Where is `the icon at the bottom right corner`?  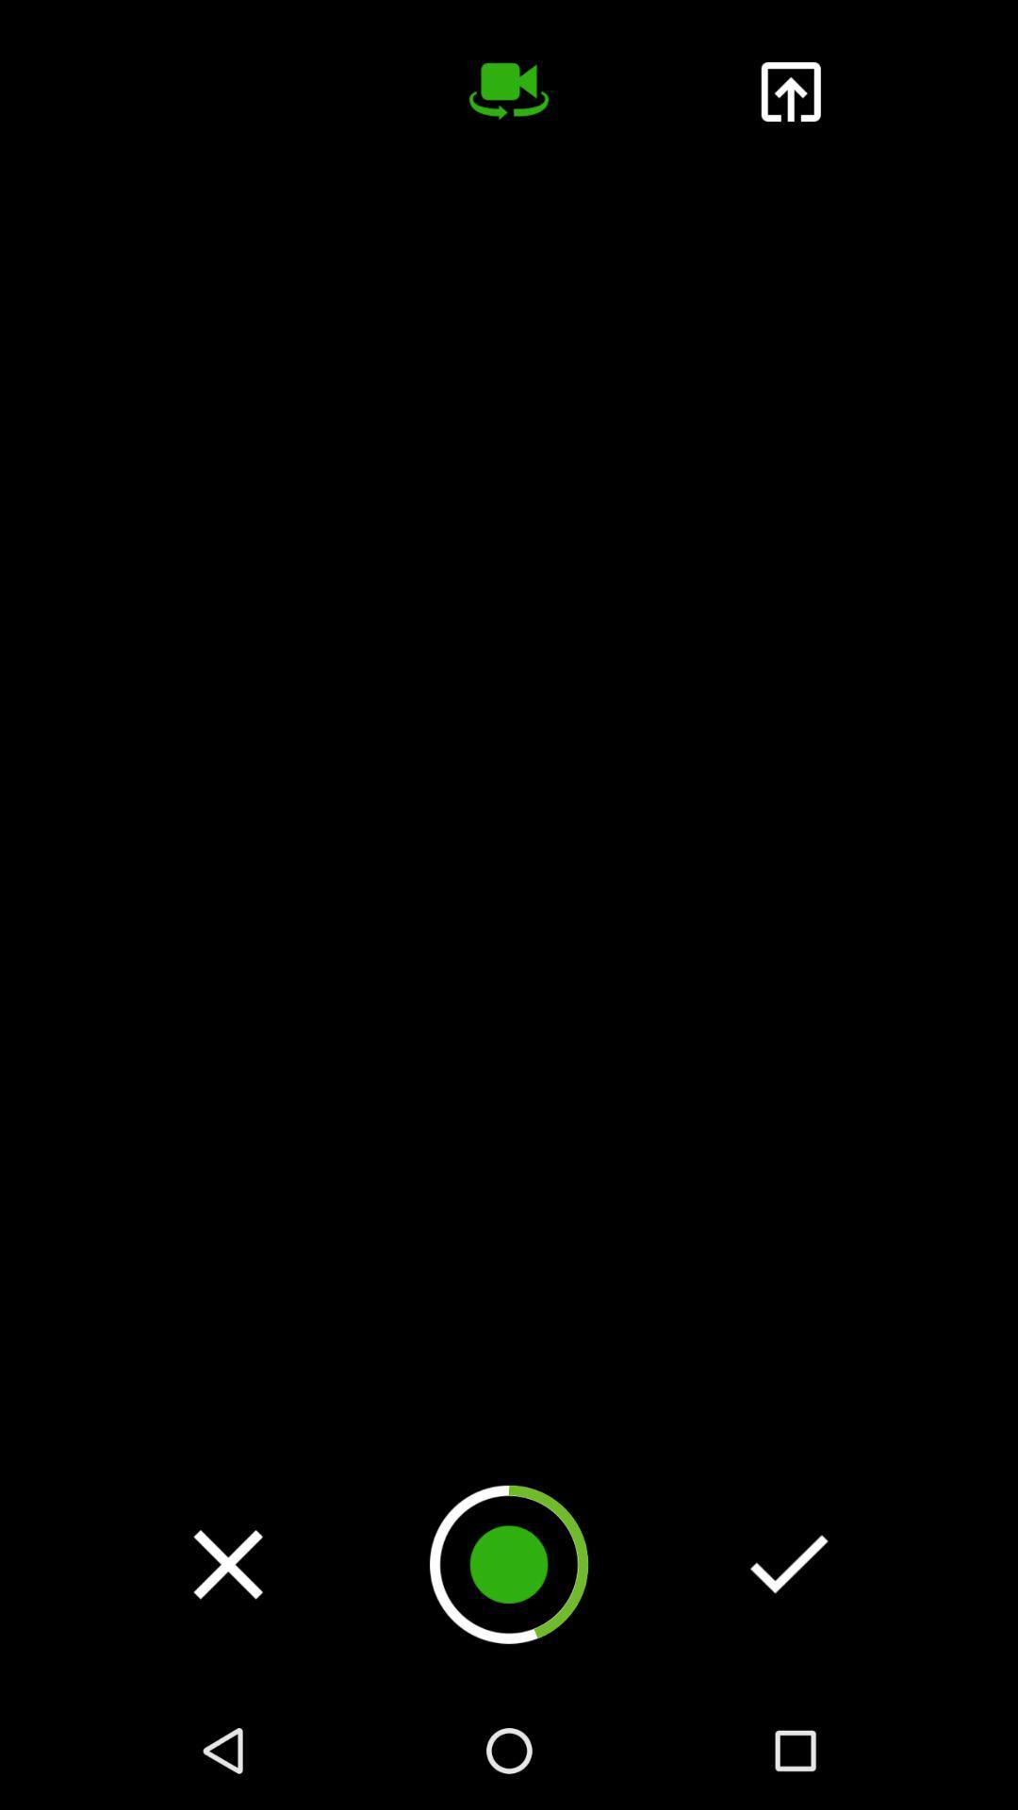 the icon at the bottom right corner is located at coordinates (789, 1564).